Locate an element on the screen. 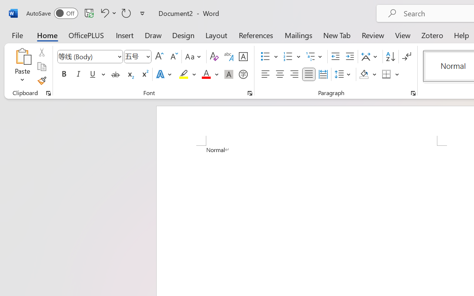  'Enclose Characters...' is located at coordinates (243, 74).